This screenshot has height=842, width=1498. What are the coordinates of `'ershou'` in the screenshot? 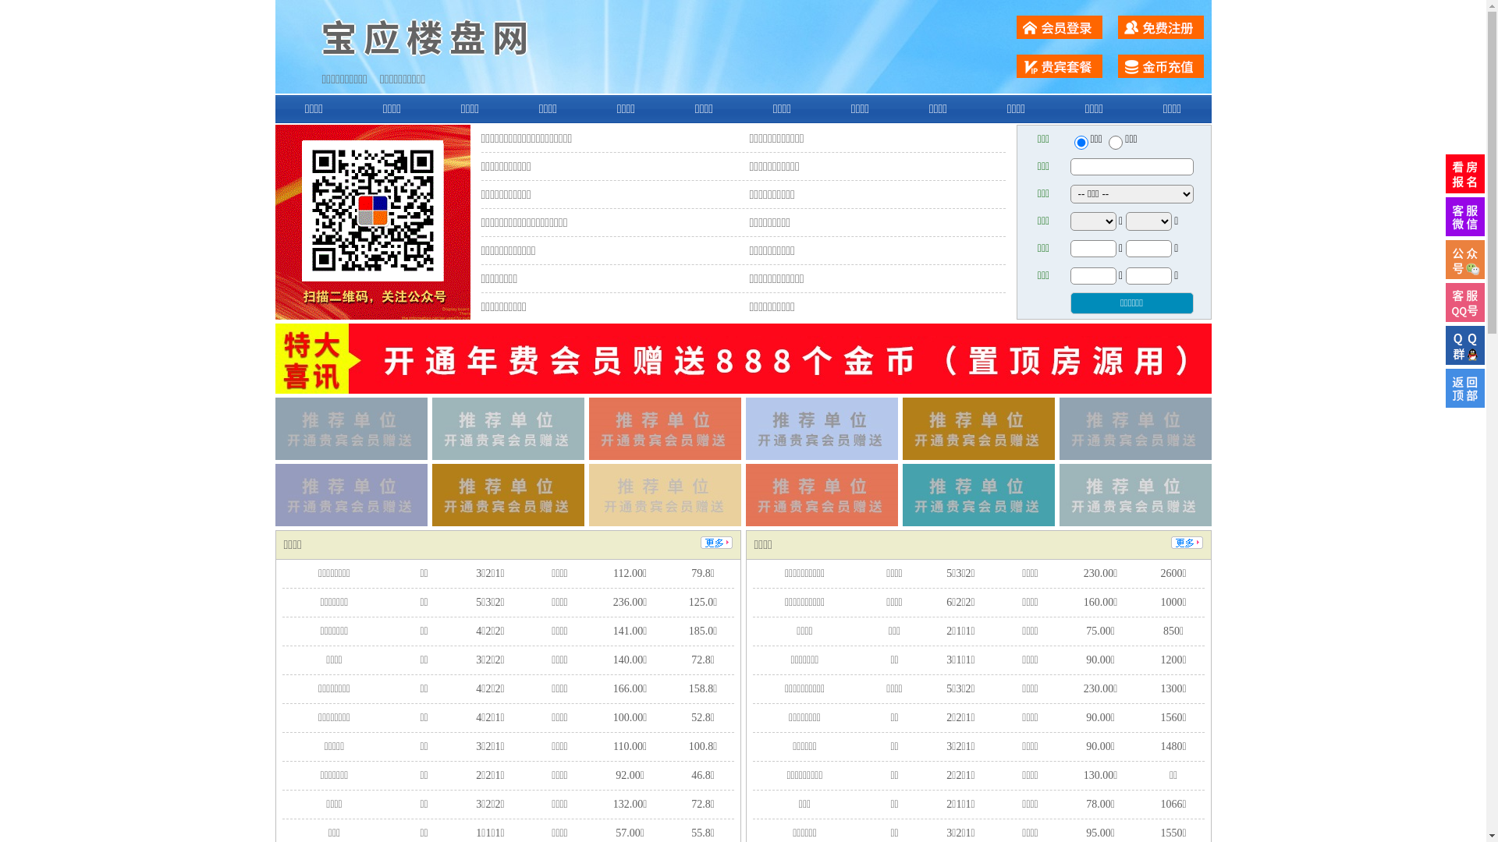 It's located at (1080, 142).